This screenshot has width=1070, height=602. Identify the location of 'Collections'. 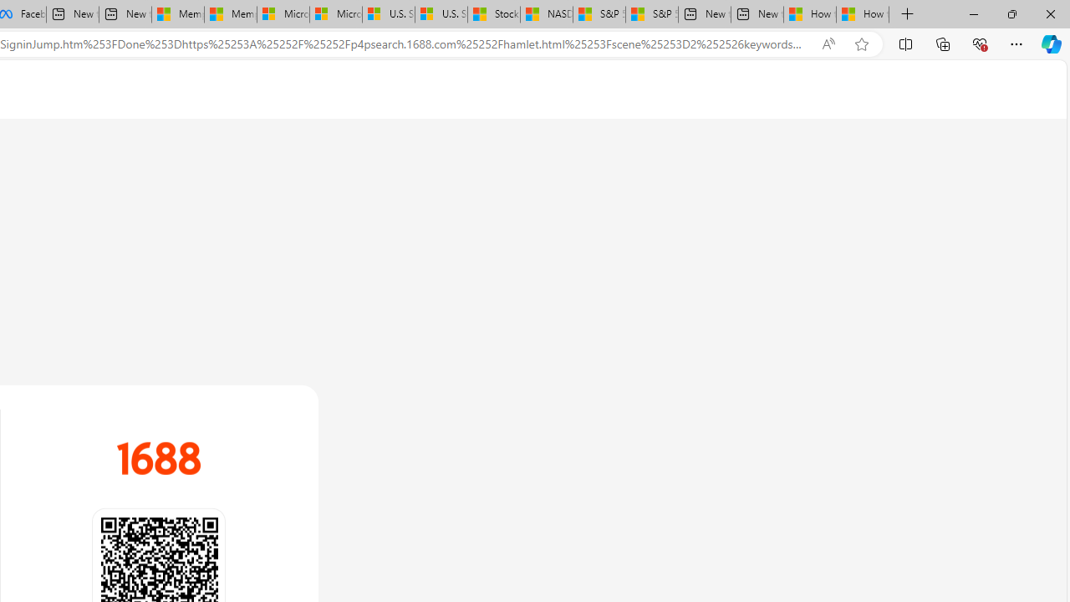
(943, 43).